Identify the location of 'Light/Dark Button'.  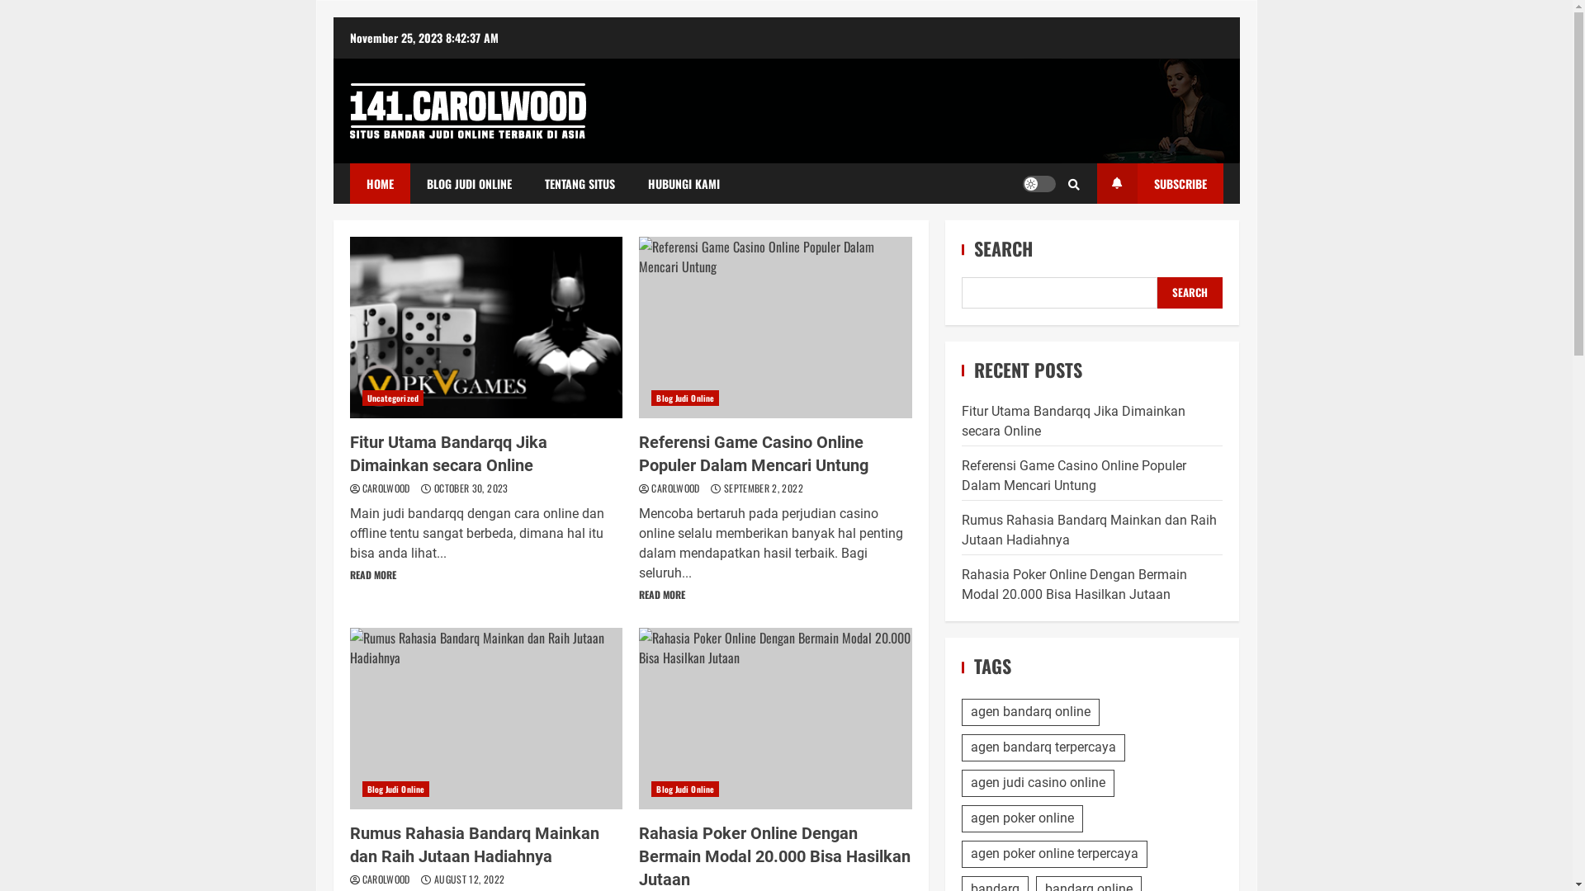
(1037, 183).